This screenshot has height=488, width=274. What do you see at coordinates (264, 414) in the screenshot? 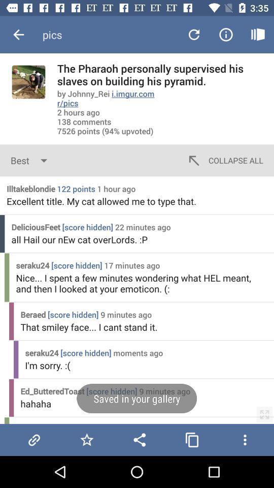
I see `view option` at bounding box center [264, 414].